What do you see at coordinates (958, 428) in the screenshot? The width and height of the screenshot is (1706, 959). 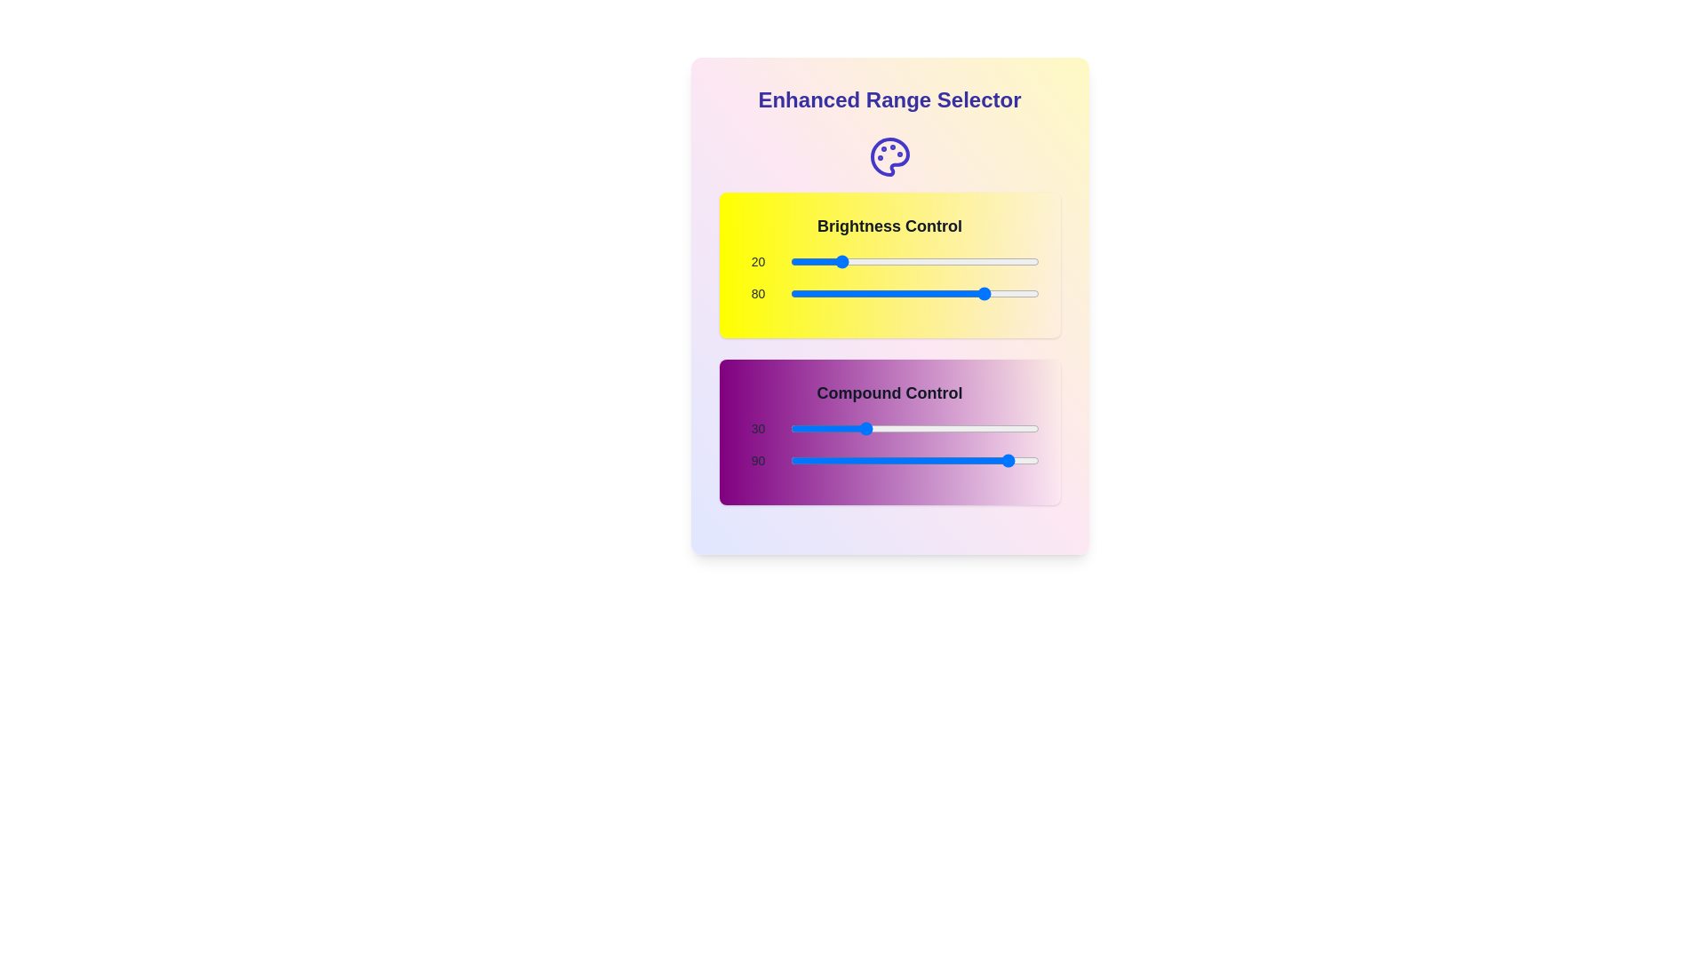 I see `the 'Compound Control' slider to 68 by dragging it to the corresponding position` at bounding box center [958, 428].